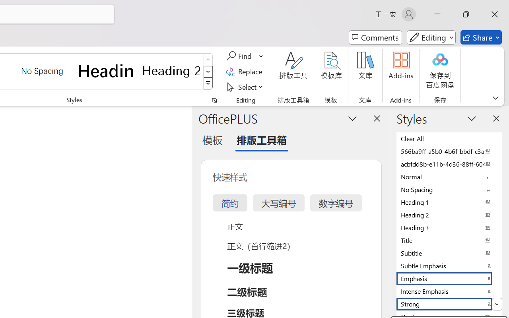 The image size is (509, 318). I want to click on 'Close', so click(494, 14).